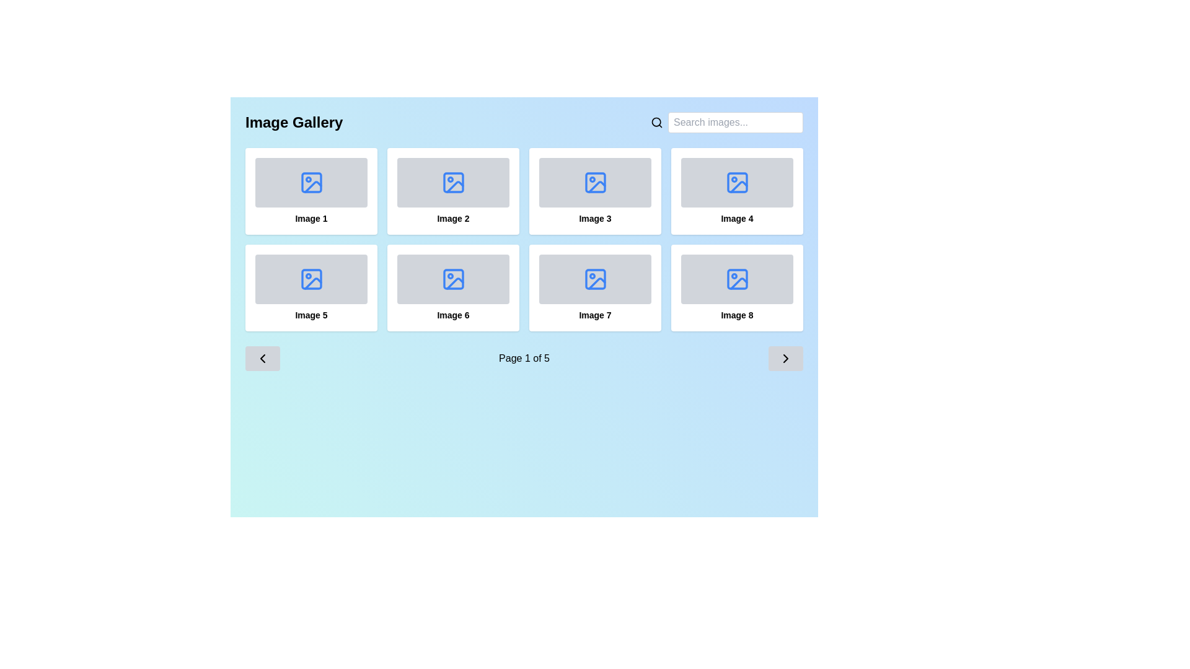 This screenshot has height=669, width=1190. I want to click on the first item in the image gallery labeled 'Image 1', which is located at the top left corner of the grid layout, so click(311, 191).